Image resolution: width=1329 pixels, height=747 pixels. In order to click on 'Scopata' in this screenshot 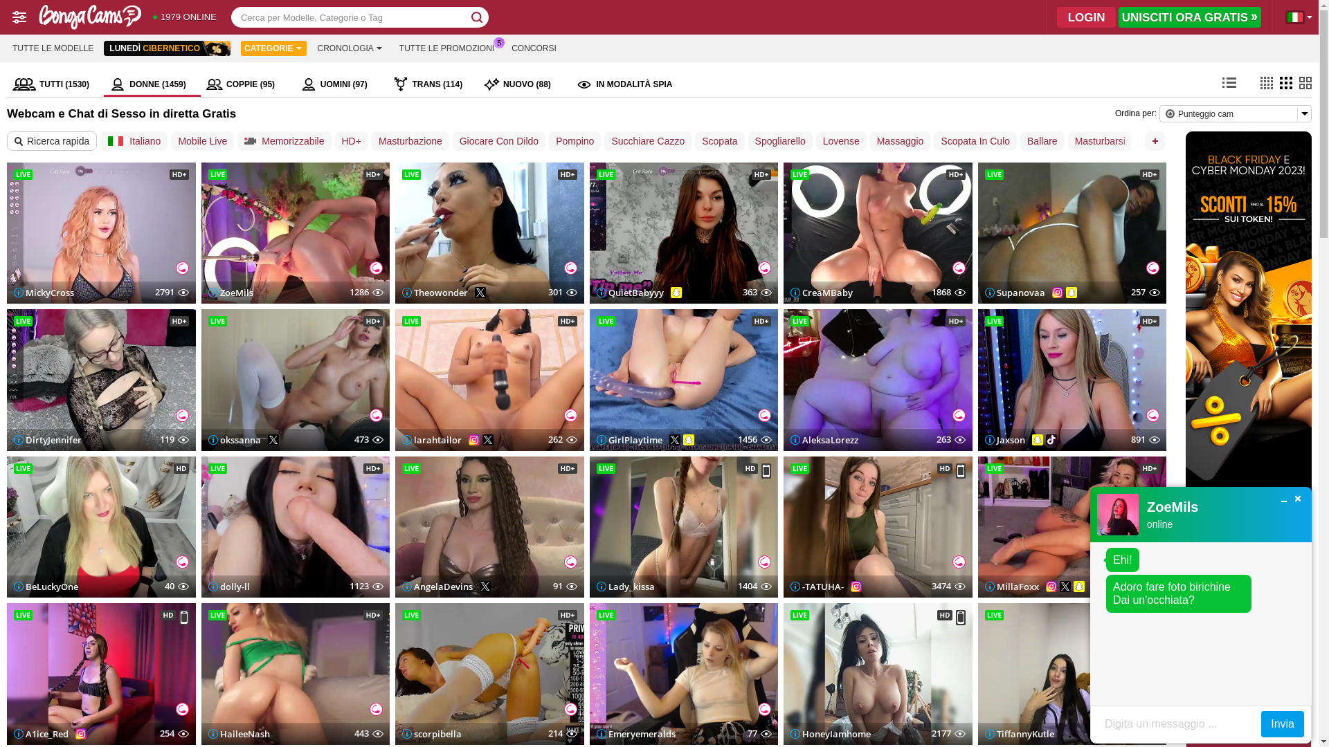, I will do `click(719, 141)`.